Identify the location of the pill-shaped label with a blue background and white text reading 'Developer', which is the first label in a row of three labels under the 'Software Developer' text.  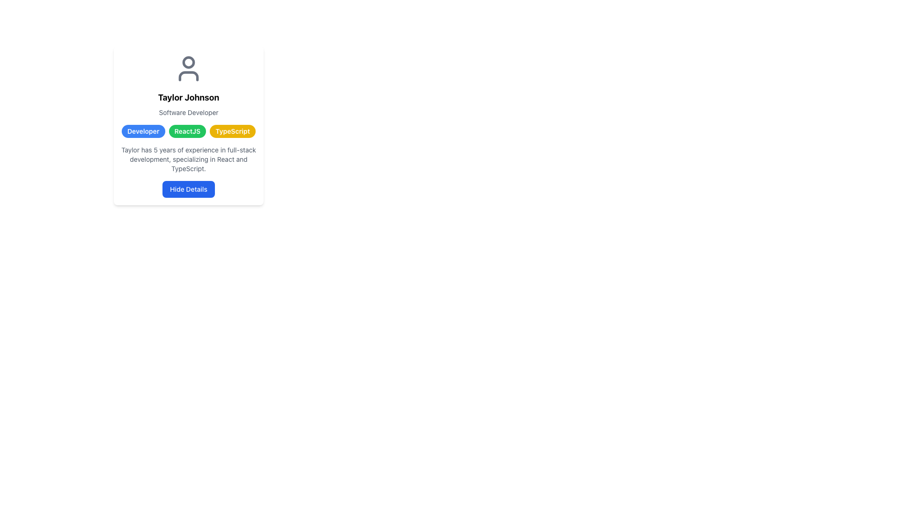
(143, 131).